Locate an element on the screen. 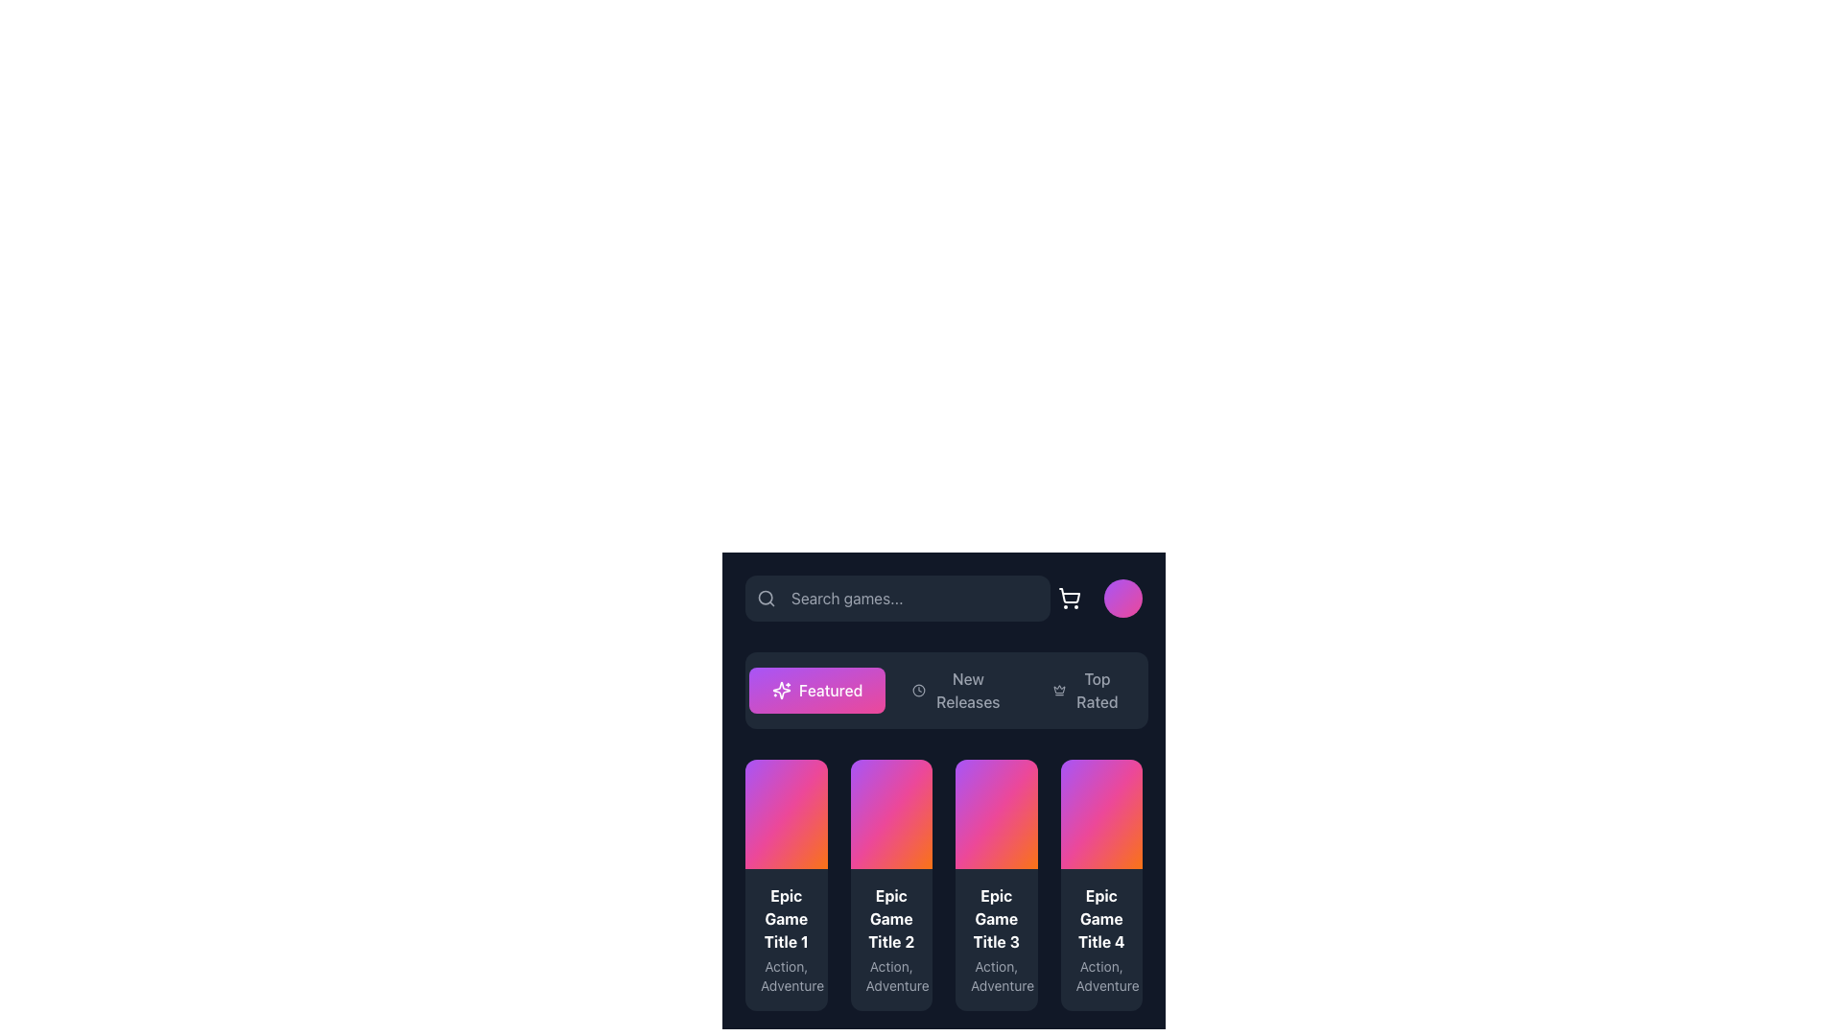  the magnifying glass icon located at the leftmost portion of the search bar is located at coordinates (765, 598).